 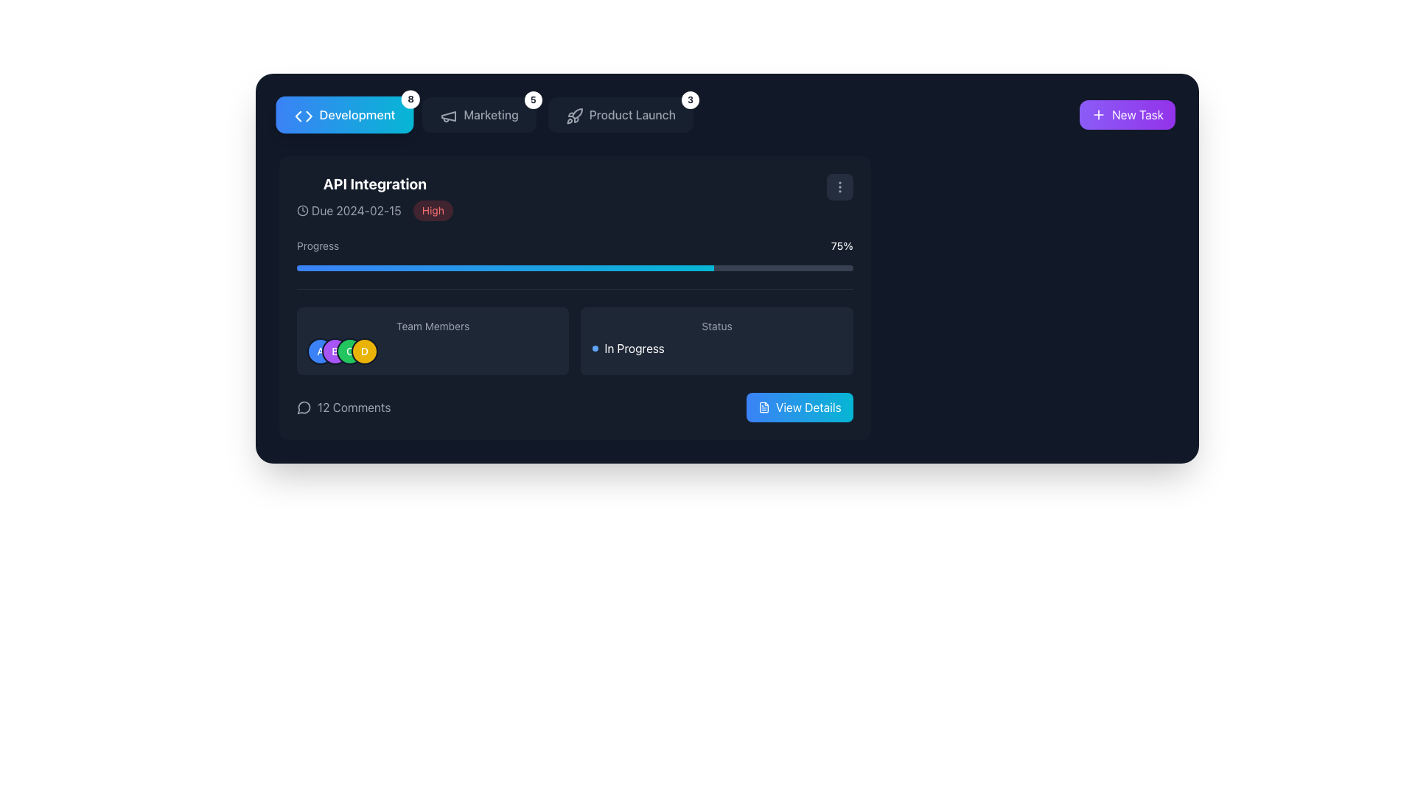 I want to click on the content of the circular badge displaying the number '8' in bold, which is located near the top-right corner of the 'Development' button, so click(x=410, y=99).